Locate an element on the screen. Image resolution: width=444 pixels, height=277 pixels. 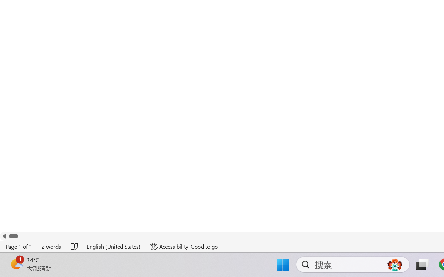
'Language English (United States)' is located at coordinates (114, 246).